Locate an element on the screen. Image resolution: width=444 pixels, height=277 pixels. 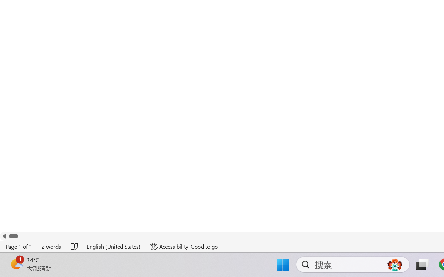
'Language English (United States)' is located at coordinates (114, 246).